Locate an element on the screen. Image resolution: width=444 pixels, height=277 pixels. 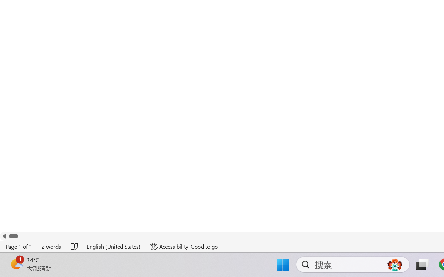
'Language English (United States)' is located at coordinates (114, 246).